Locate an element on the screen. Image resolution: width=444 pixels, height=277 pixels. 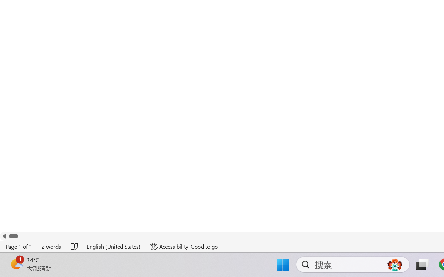
'Language English (United States)' is located at coordinates (114, 246).